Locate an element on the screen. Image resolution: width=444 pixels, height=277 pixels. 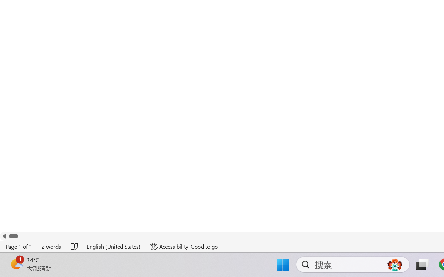
'Language English (United States)' is located at coordinates (114, 246).